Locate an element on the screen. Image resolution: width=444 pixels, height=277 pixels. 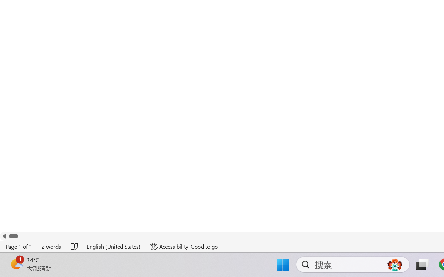
'Language English (United States)' is located at coordinates (114, 246).